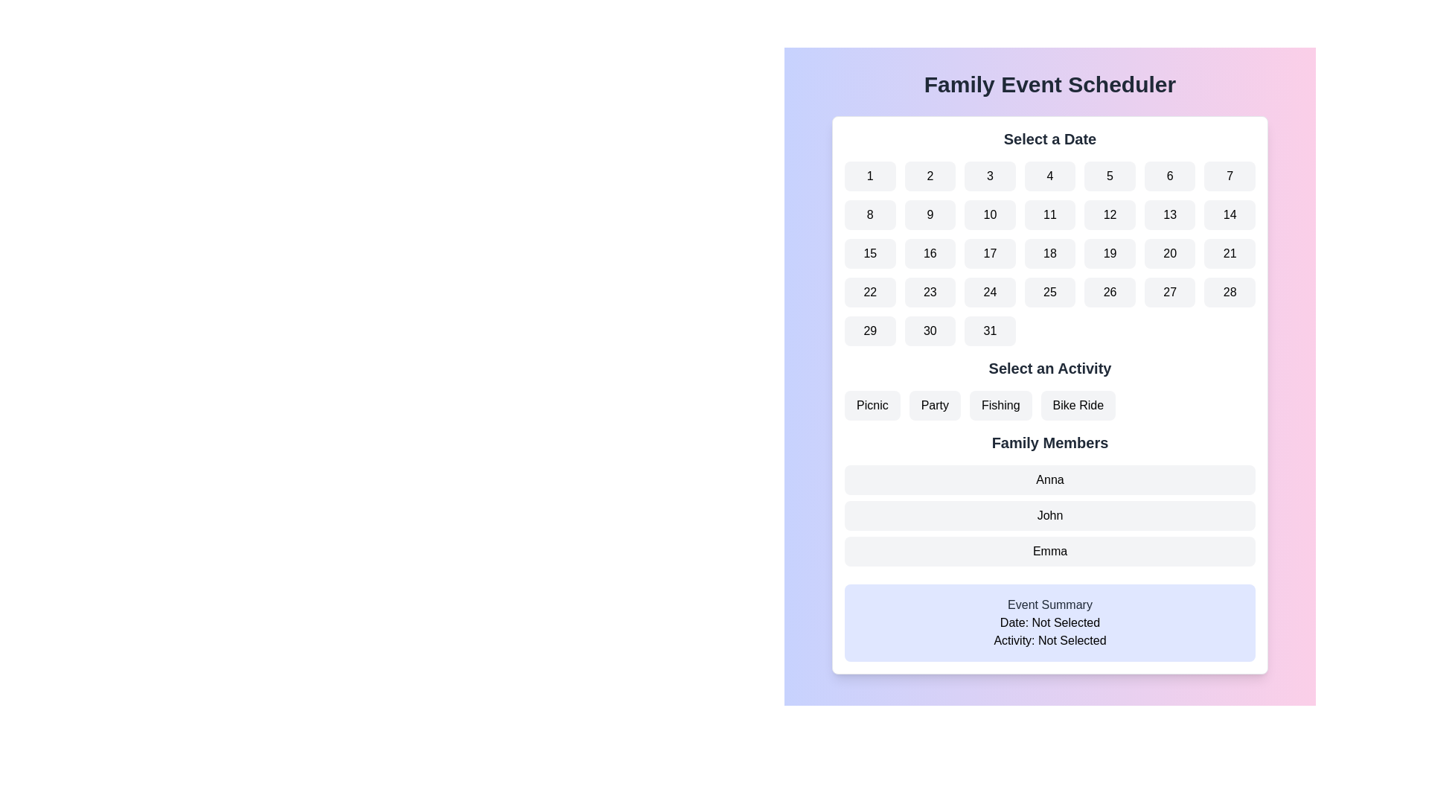 The width and height of the screenshot is (1429, 804). I want to click on the 'Bike Ride' button, which is a rectangular button with rounded corners, light gray background, and bold black text, so click(1078, 405).